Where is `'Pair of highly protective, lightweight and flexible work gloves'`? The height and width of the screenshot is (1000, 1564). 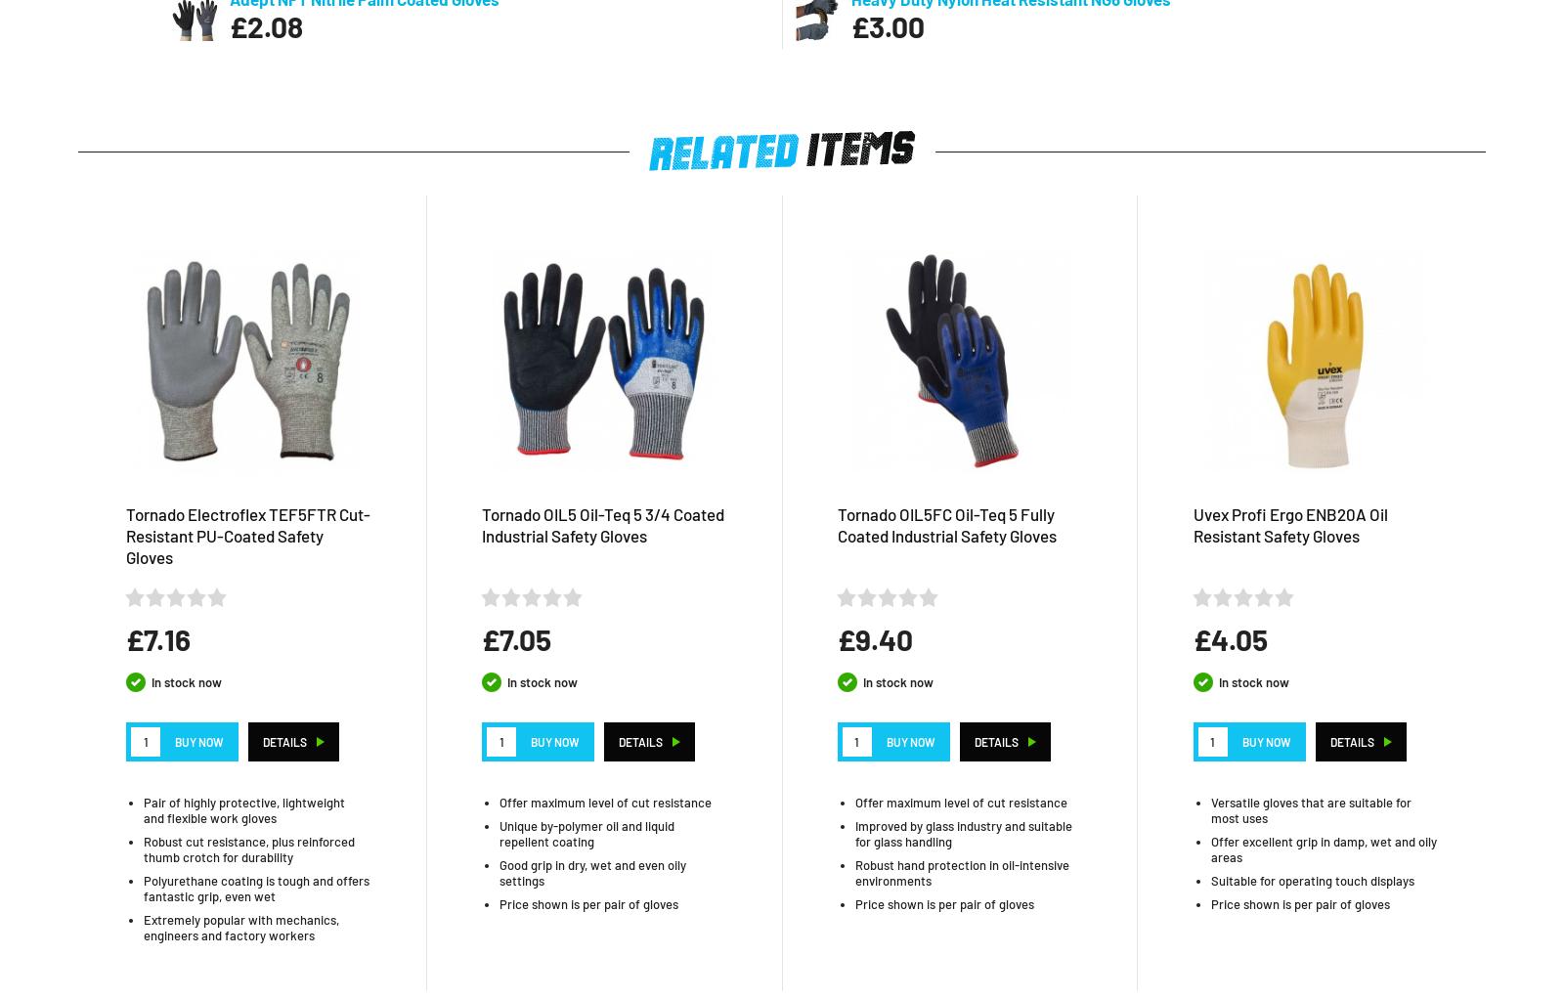
'Pair of highly protective, lightweight and flexible work gloves' is located at coordinates (243, 808).